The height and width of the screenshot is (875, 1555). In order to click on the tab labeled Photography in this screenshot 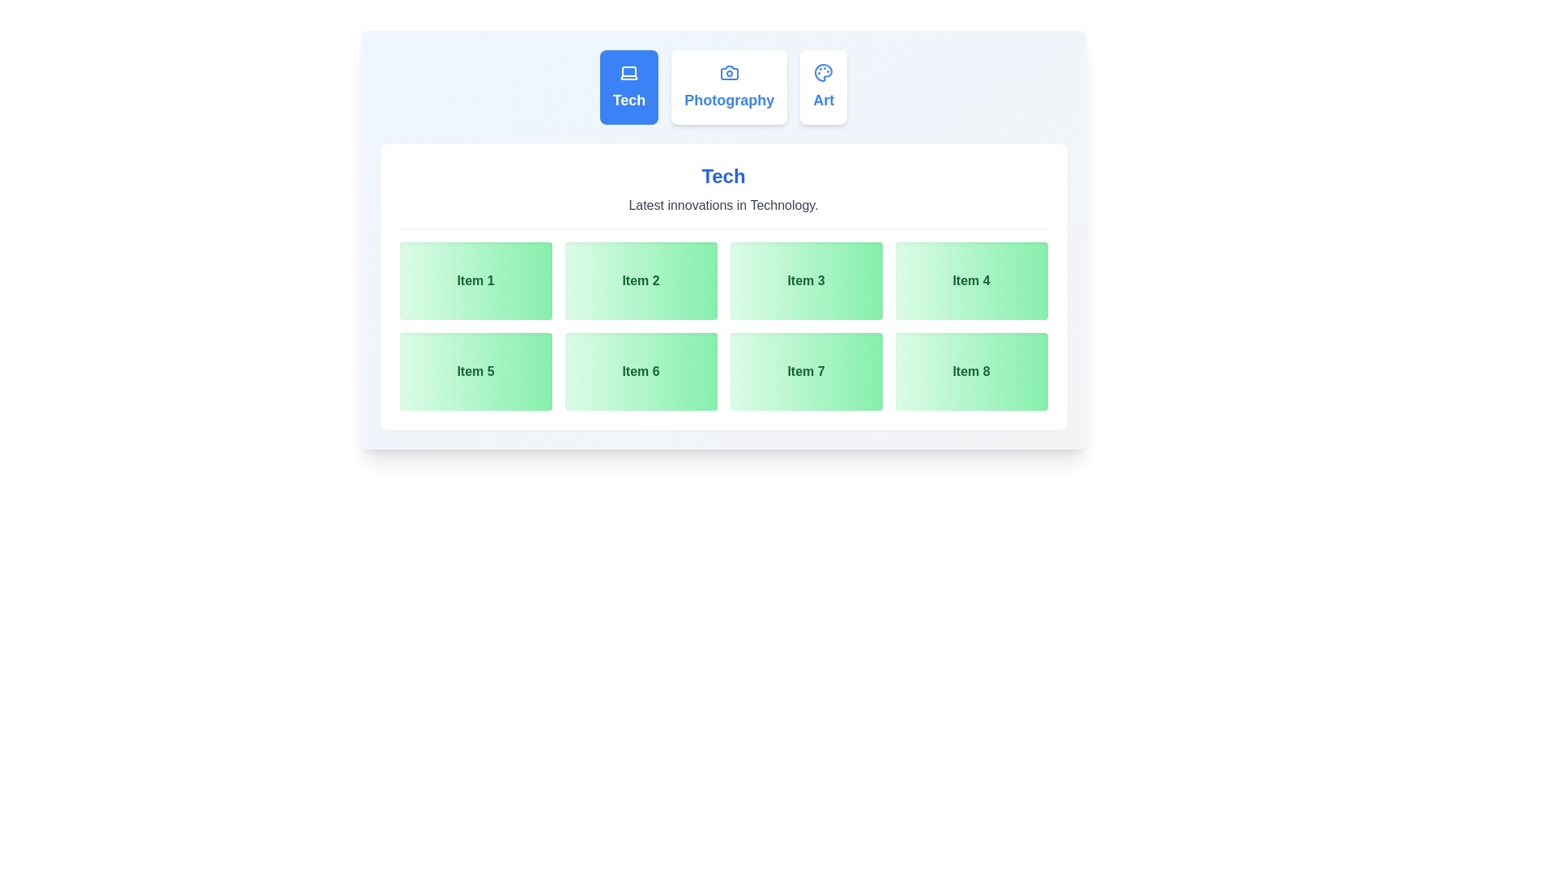, I will do `click(728, 87)`.